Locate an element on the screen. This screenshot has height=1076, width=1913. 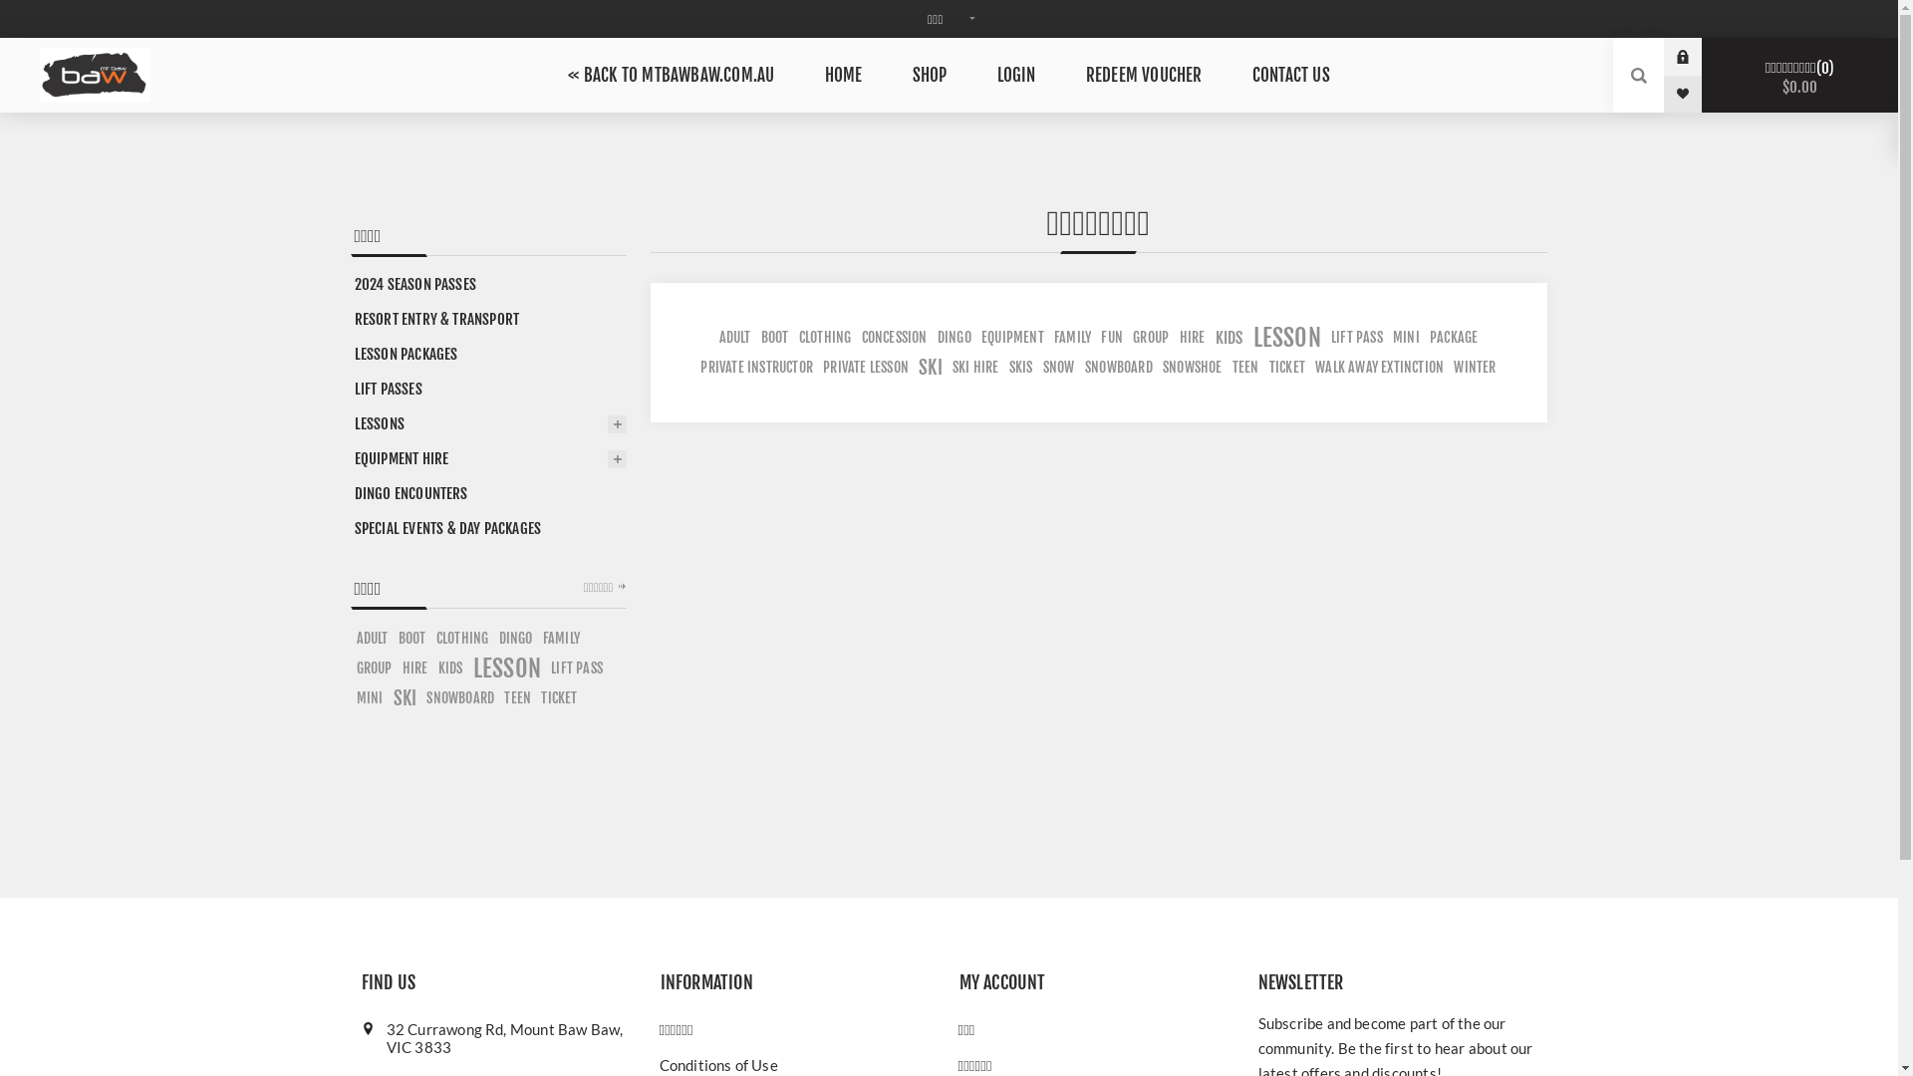
'CLOTHING' is located at coordinates (461, 638).